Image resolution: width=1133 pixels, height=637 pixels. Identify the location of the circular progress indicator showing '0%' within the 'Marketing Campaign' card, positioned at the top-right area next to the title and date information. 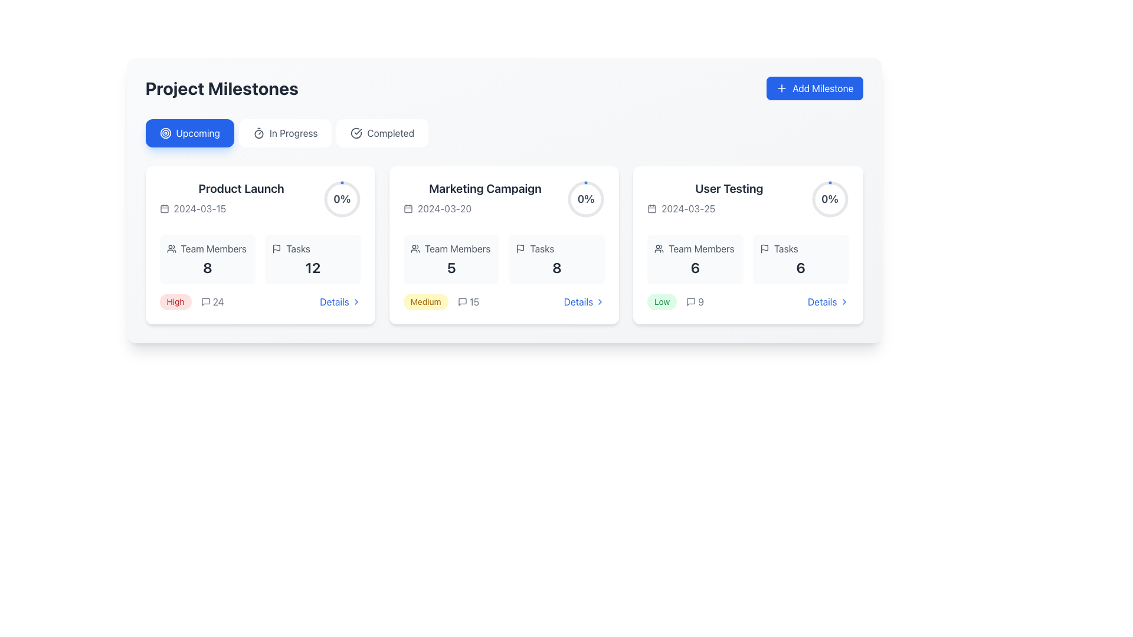
(586, 199).